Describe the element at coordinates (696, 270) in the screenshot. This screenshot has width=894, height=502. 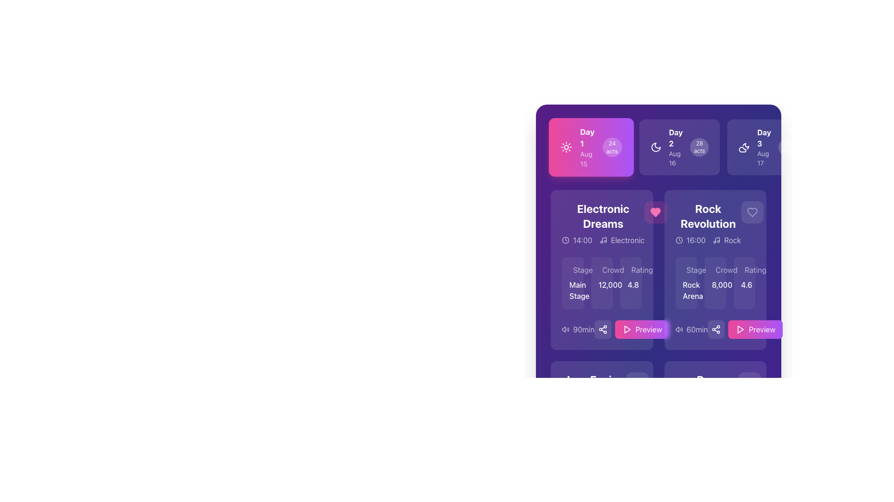
I see `the text label that provides the category name for the event location, located in the second card of the 'Rock Revolution' event, above the value 'Rock Arena'` at that location.